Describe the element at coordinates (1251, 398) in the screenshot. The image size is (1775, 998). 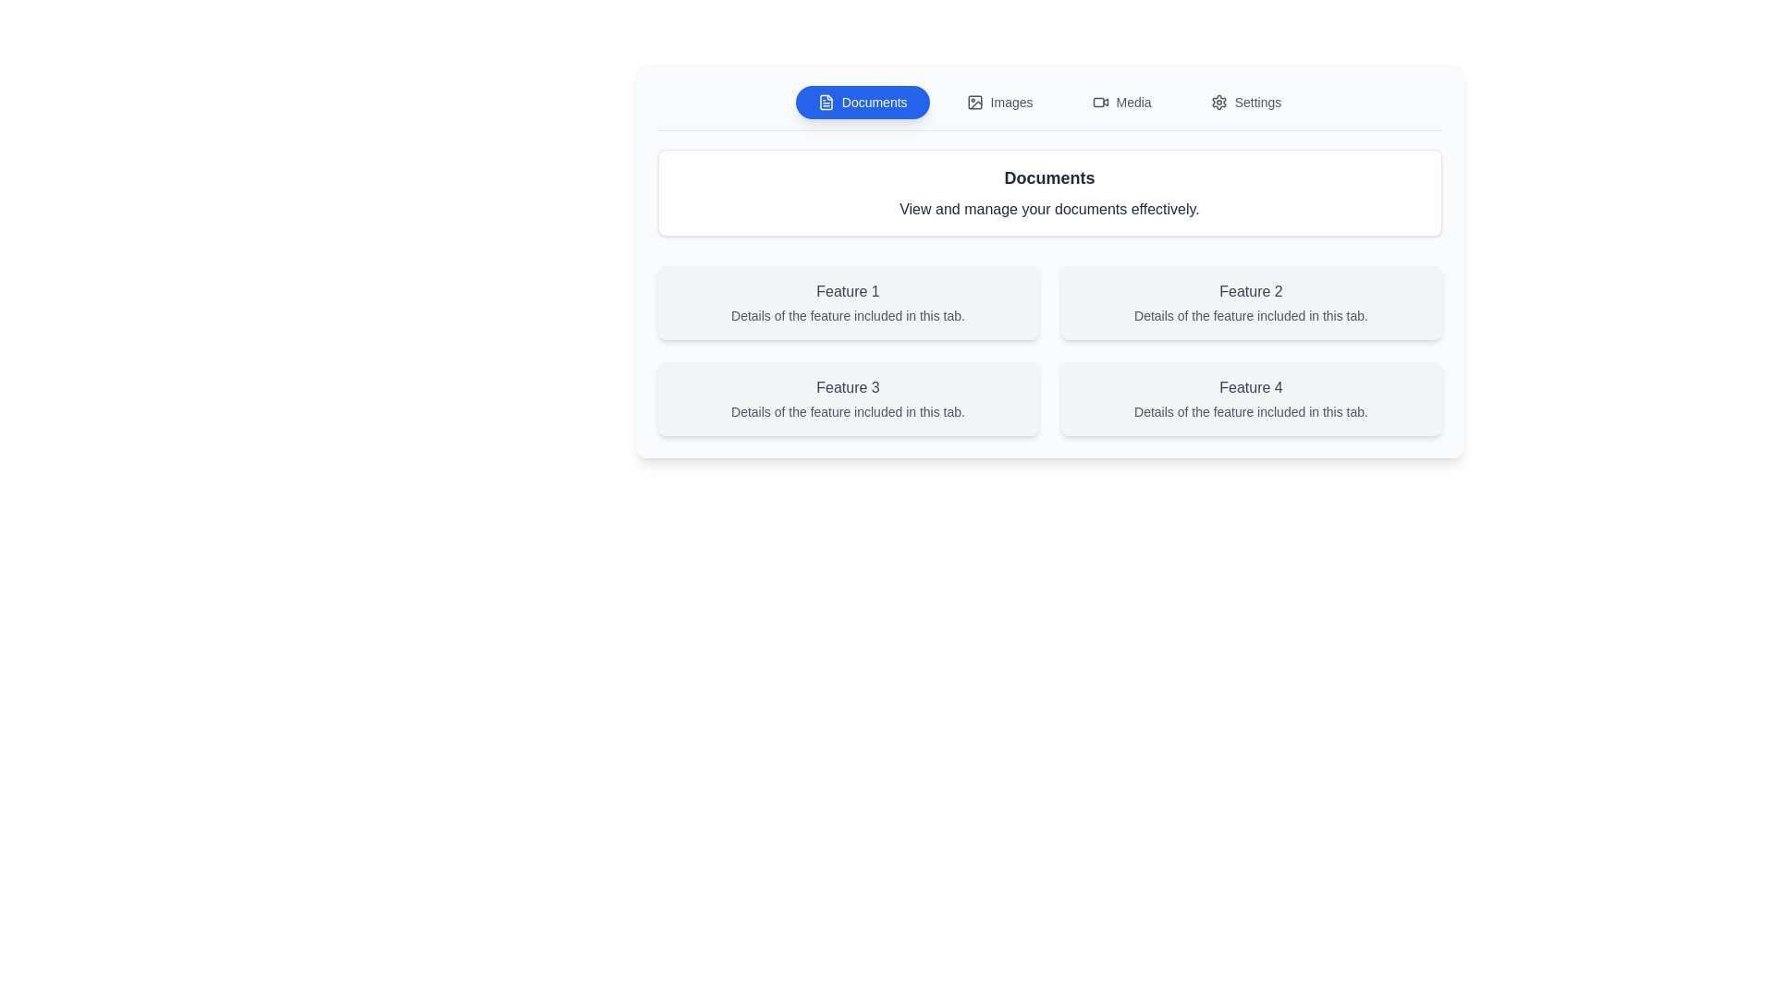
I see `the Informational card displaying 'Feature 4' with a light gray background located in the bottom-right corner of the grid` at that location.